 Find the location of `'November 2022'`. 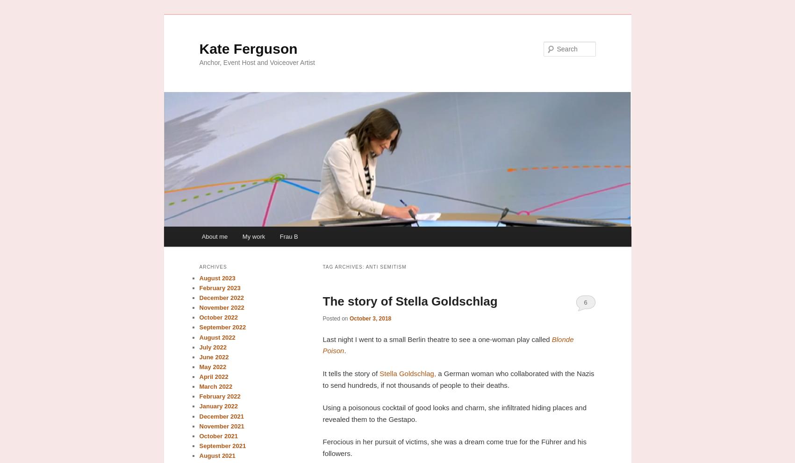

'November 2022' is located at coordinates (221, 307).